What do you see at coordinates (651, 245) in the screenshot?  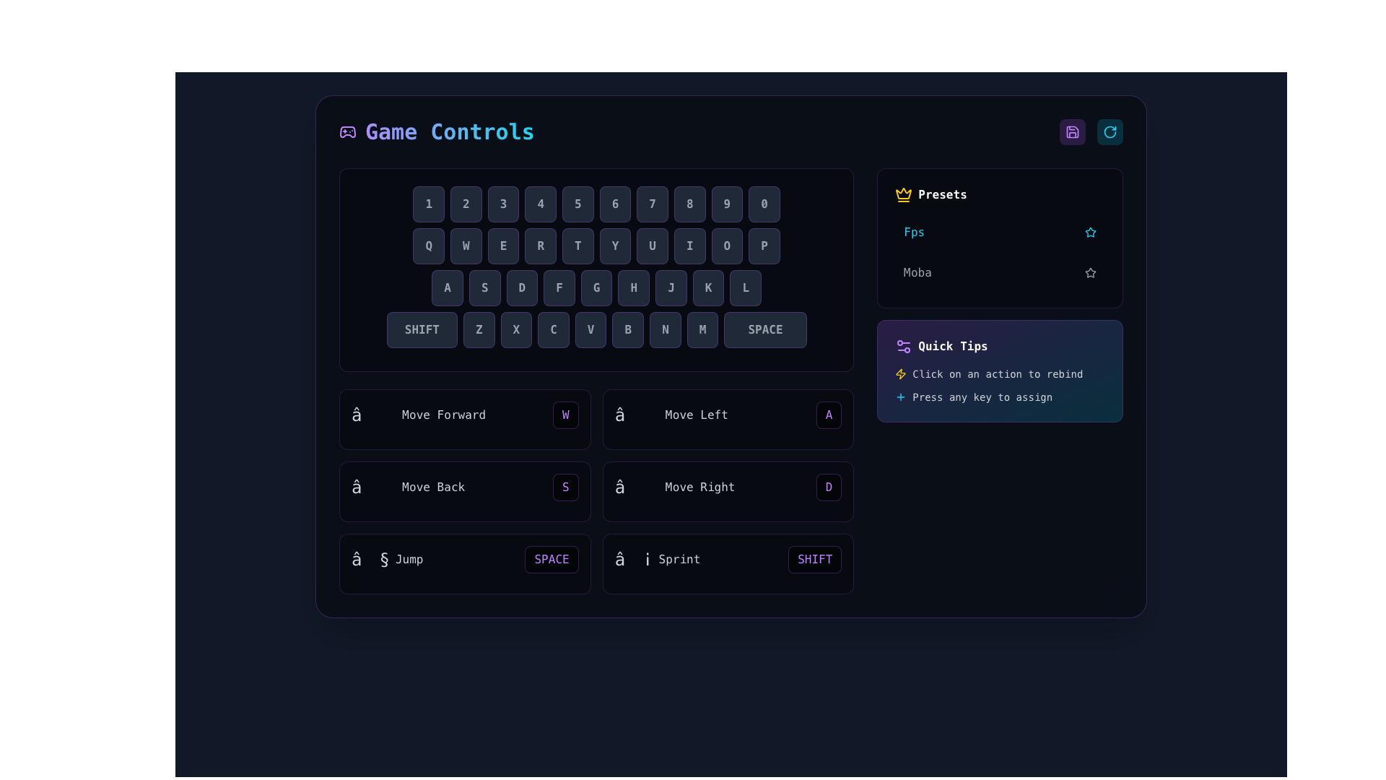 I see `the square-shaped graphical button labeled 'U' with a dark background and light gray text, located in the eighth position of the QWERTYUIOP row` at bounding box center [651, 245].